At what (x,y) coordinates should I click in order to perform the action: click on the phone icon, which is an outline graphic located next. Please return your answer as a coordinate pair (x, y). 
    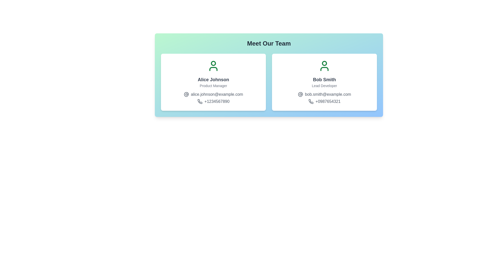
    Looking at the image, I should click on (310, 101).